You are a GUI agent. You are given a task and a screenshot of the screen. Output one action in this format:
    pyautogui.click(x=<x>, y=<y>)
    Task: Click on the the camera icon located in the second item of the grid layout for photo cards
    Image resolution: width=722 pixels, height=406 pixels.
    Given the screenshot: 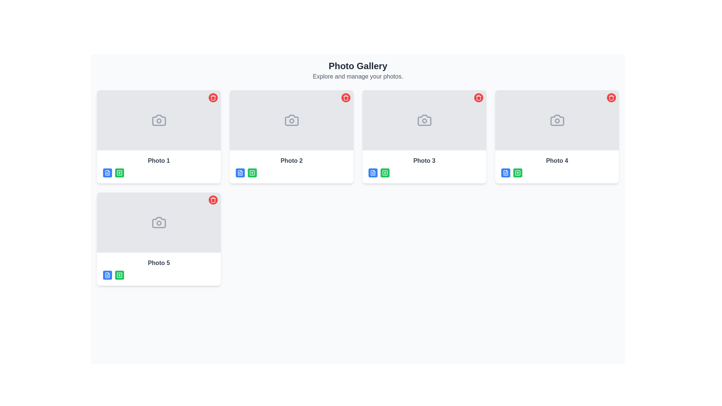 What is the action you would take?
    pyautogui.click(x=291, y=120)
    